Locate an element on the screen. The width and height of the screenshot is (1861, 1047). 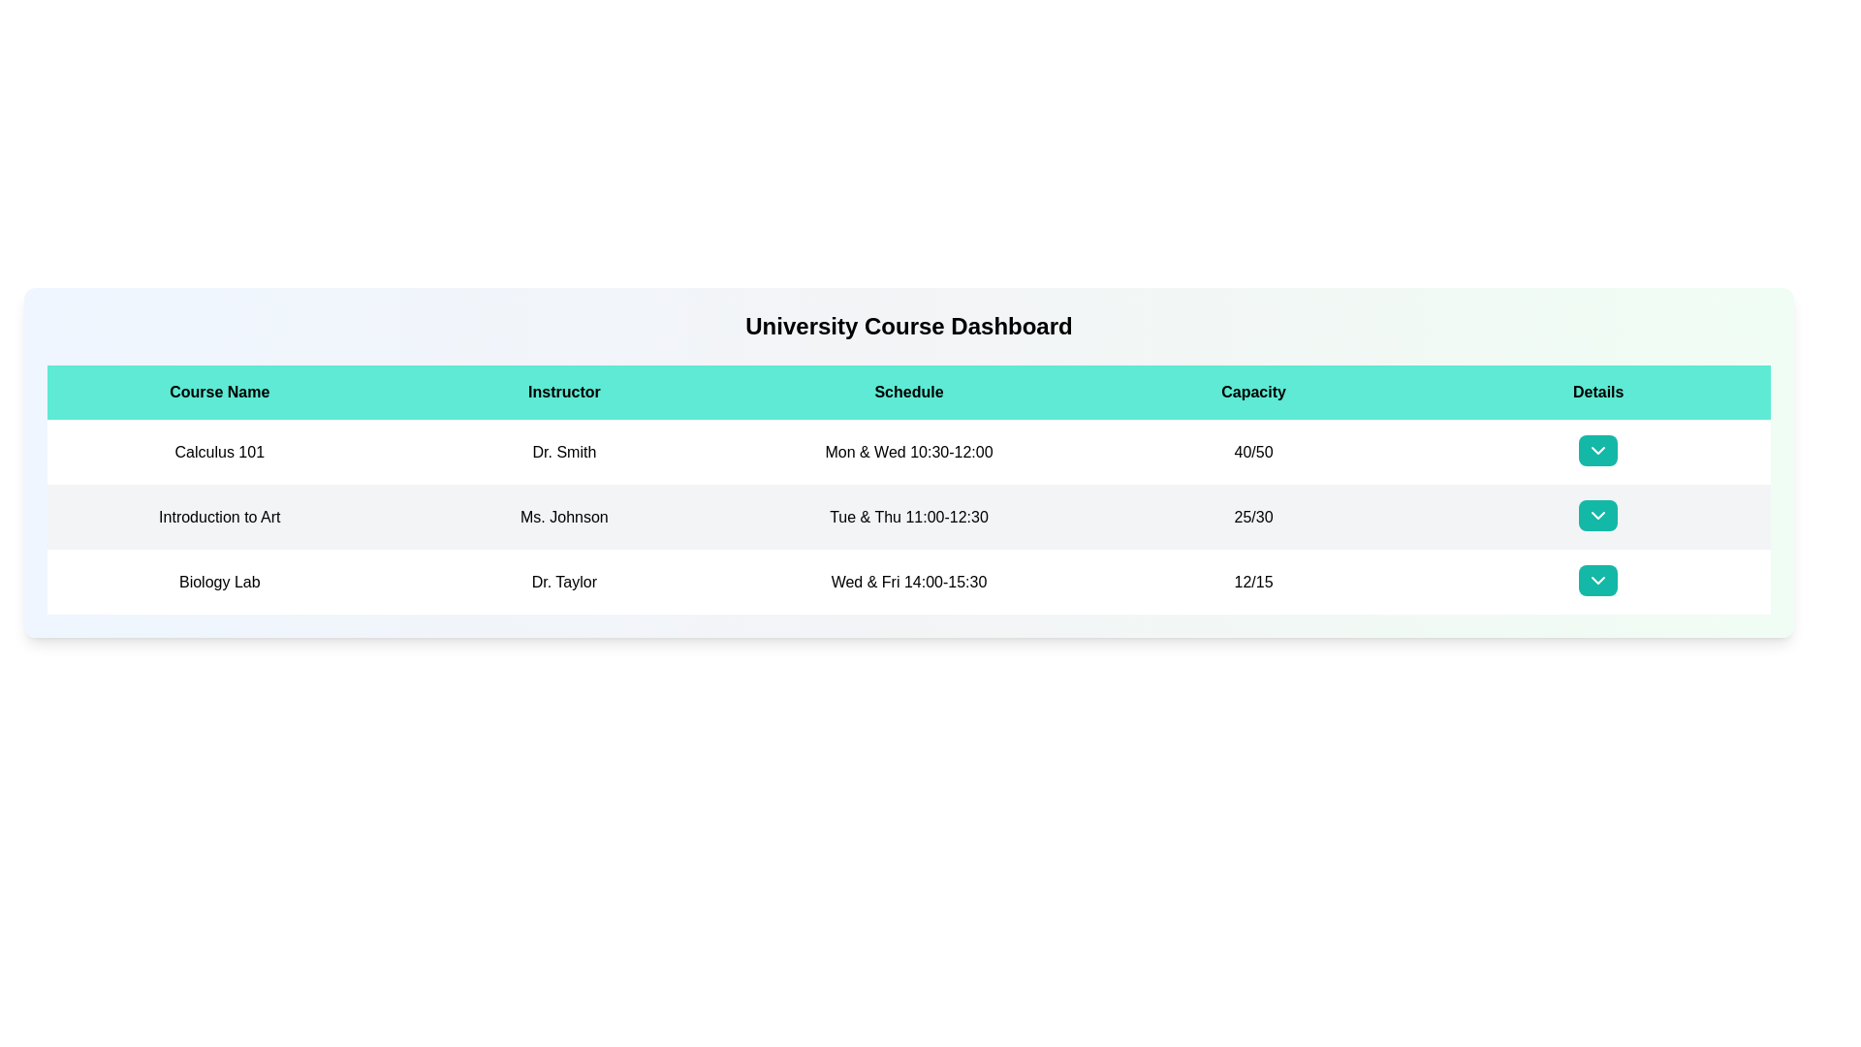
information displayed in the text label showing '12/15' in the Capacity column of the Biology Lab row is located at coordinates (1253, 581).